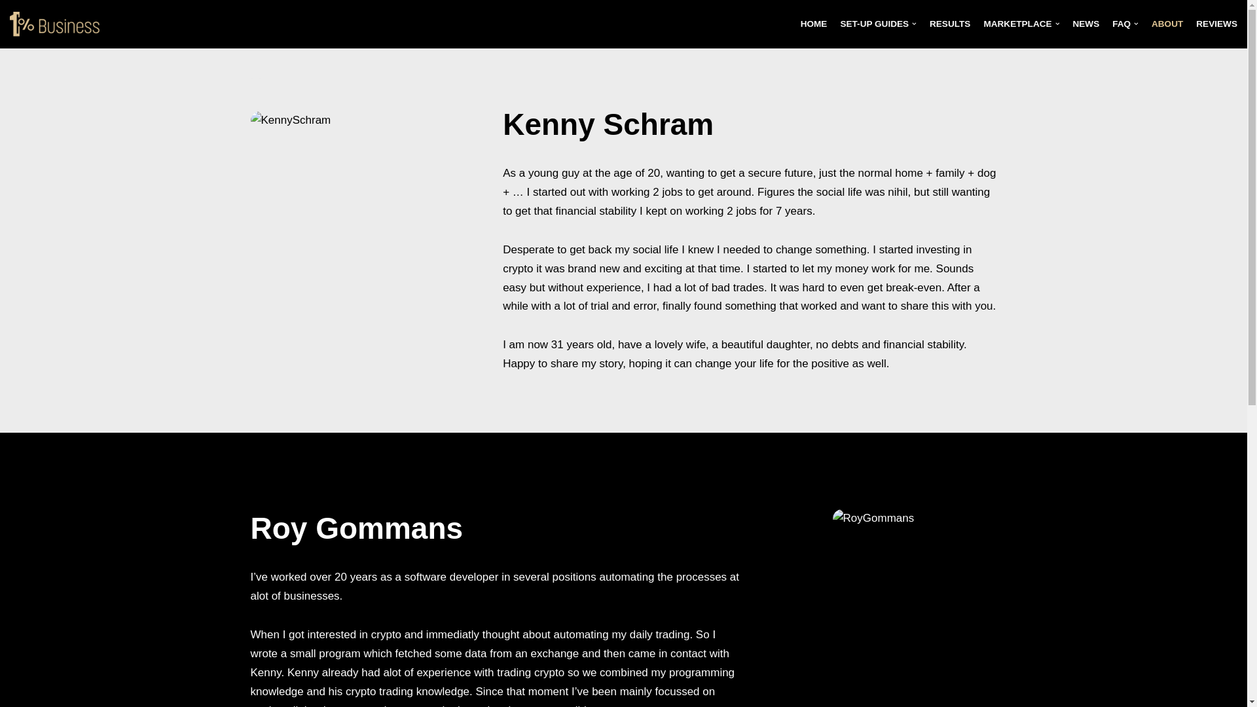  Describe the element at coordinates (0, 27) in the screenshot. I see `'Skip to content'` at that location.